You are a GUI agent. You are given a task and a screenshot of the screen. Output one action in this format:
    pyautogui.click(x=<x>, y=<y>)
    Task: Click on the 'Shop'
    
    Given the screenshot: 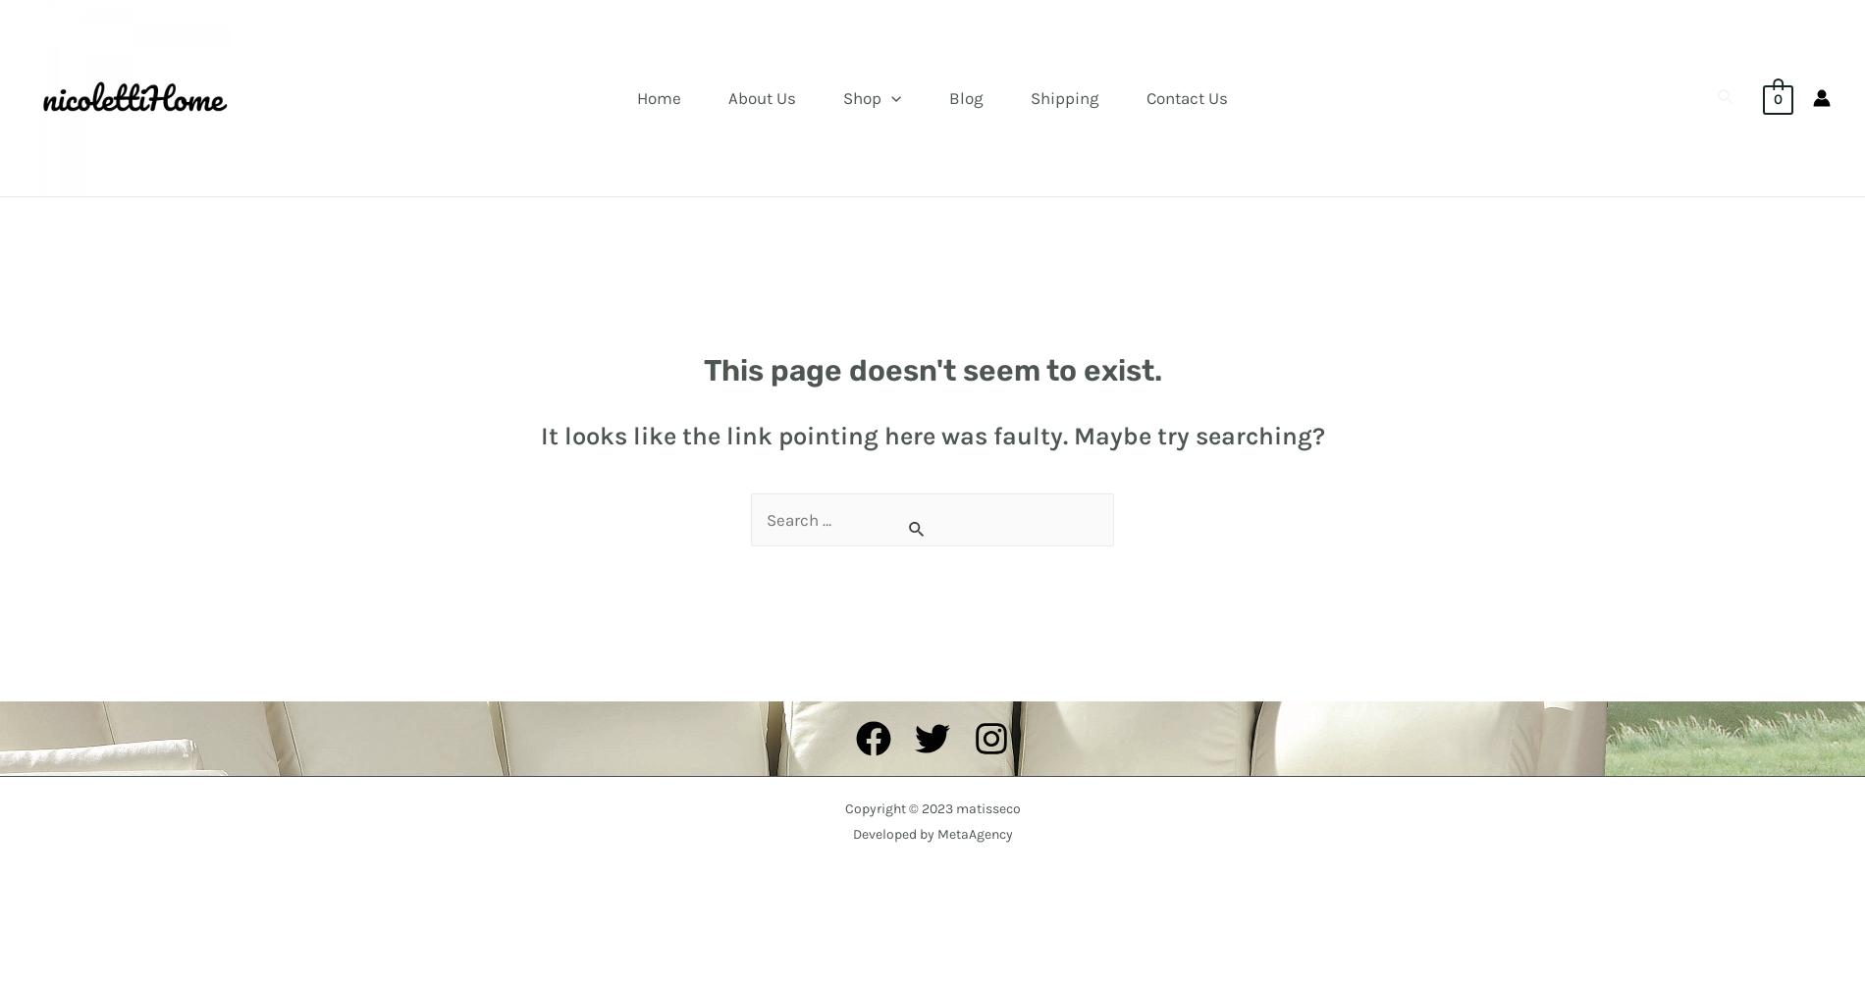 What is the action you would take?
    pyautogui.click(x=841, y=97)
    